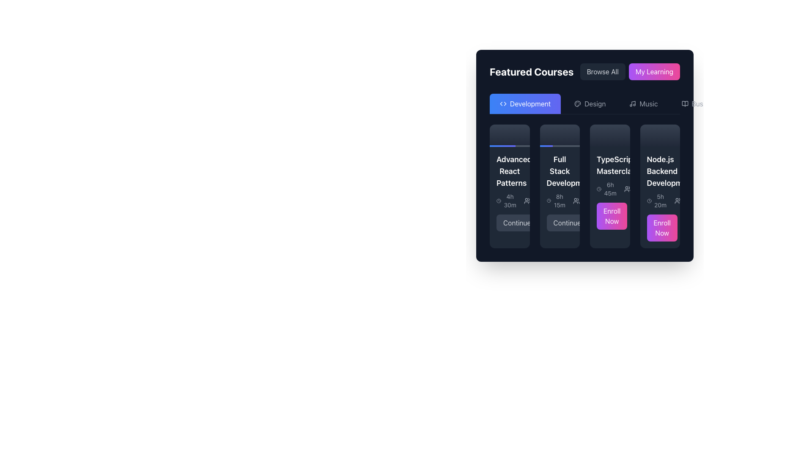  I want to click on the star SVG icon located in the 'Featured Courses' section below the course duration text of 'Full Stack Development', so click(557, 201).